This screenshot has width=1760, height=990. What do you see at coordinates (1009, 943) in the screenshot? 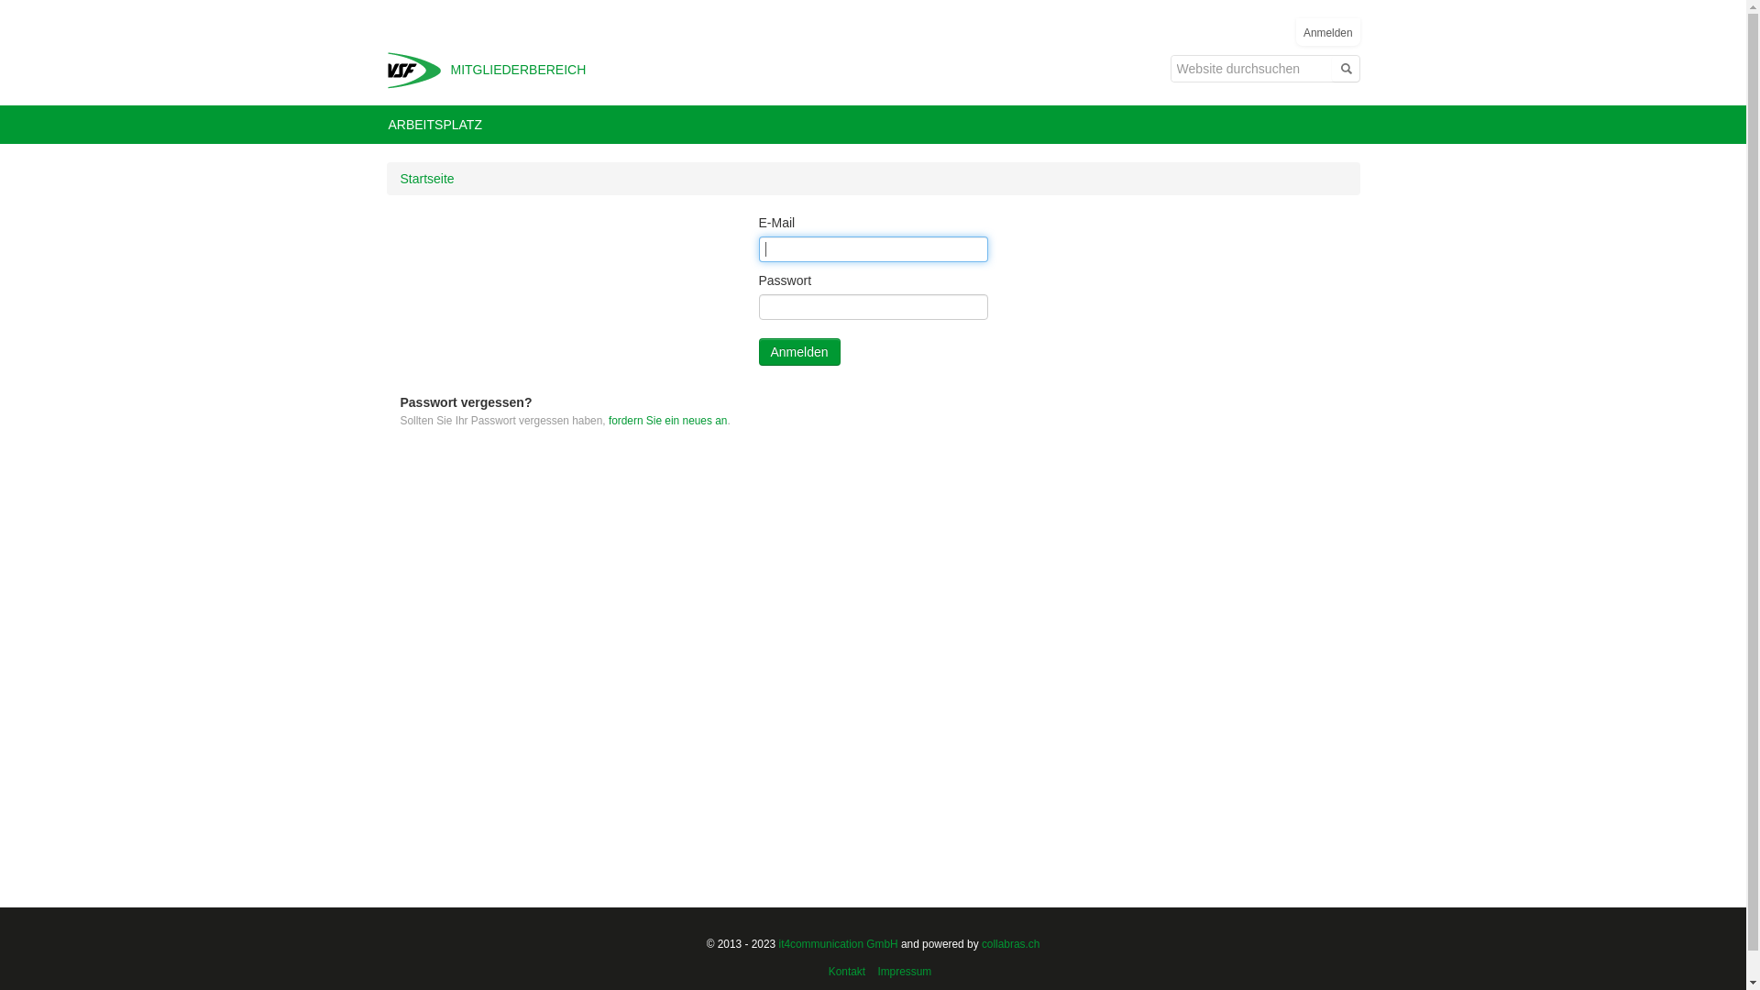
I see `'collabras.ch'` at bounding box center [1009, 943].